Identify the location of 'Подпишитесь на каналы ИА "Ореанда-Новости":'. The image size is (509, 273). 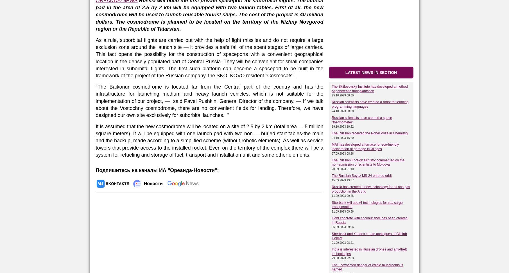
(157, 170).